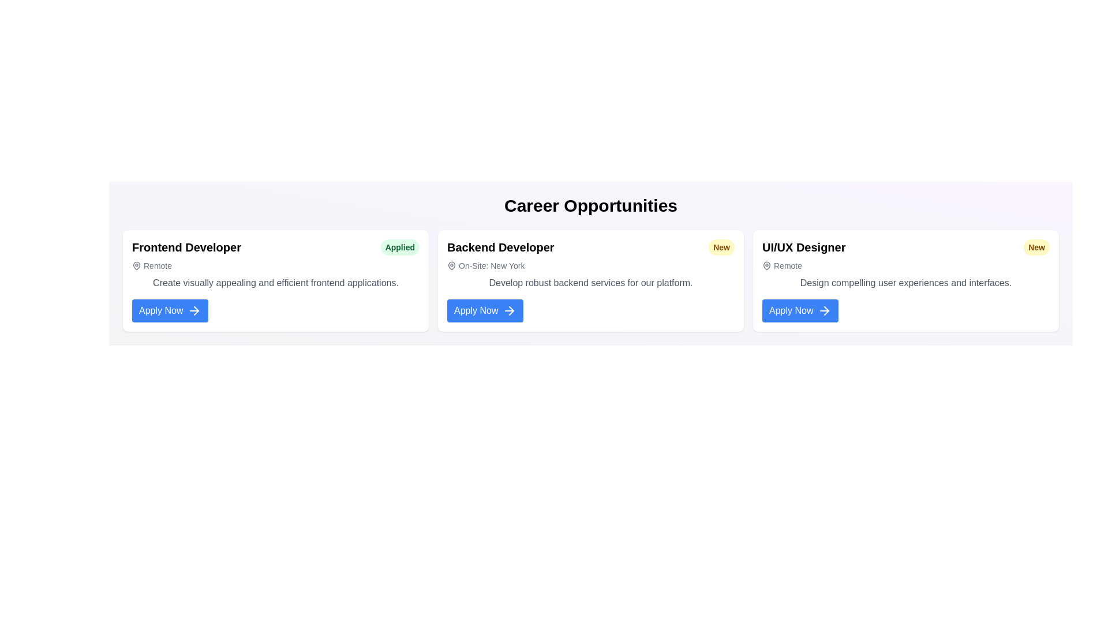 The width and height of the screenshot is (1108, 623). What do you see at coordinates (451, 265) in the screenshot?
I see `the location indicator icon next to the 'On-Site: New York' text label in the backend developer job listing card` at bounding box center [451, 265].